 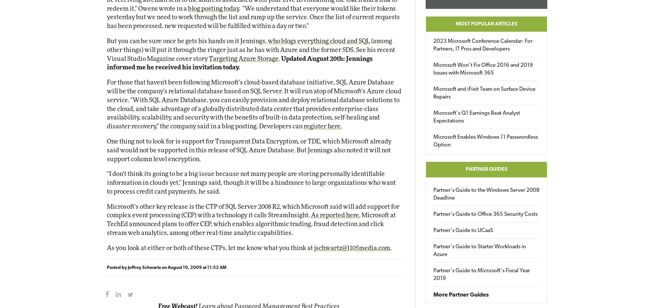 What do you see at coordinates (485, 214) in the screenshot?
I see `'Partner's Guide to Office 365 Security Costs'` at bounding box center [485, 214].